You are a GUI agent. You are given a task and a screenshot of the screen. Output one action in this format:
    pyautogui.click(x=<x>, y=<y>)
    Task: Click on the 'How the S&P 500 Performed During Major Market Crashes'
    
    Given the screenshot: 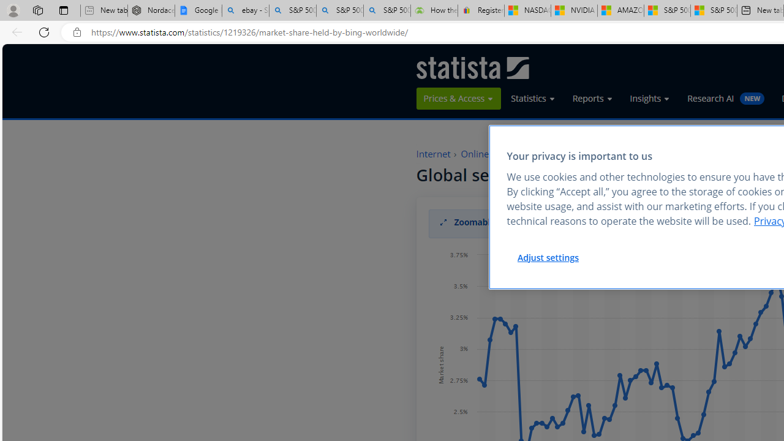 What is the action you would take?
    pyautogui.click(x=434, y=10)
    